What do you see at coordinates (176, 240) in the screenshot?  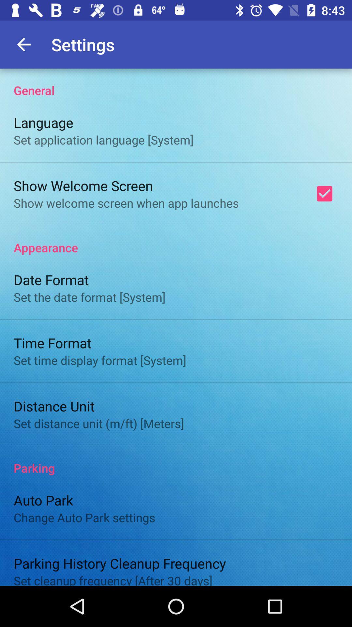 I see `icon below the show welcome screen icon` at bounding box center [176, 240].